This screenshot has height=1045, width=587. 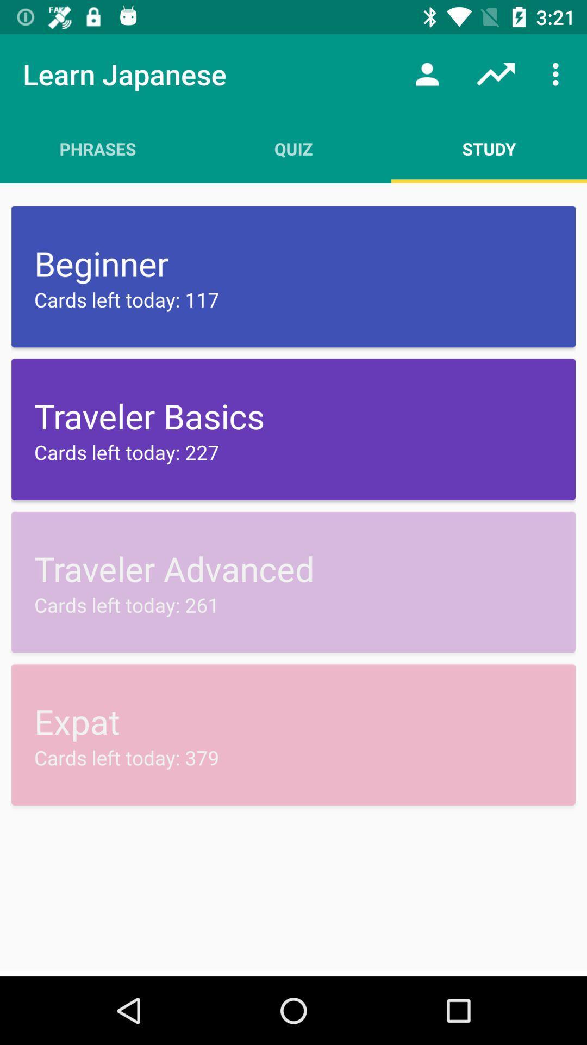 What do you see at coordinates (488, 148) in the screenshot?
I see `icon above the beginner` at bounding box center [488, 148].